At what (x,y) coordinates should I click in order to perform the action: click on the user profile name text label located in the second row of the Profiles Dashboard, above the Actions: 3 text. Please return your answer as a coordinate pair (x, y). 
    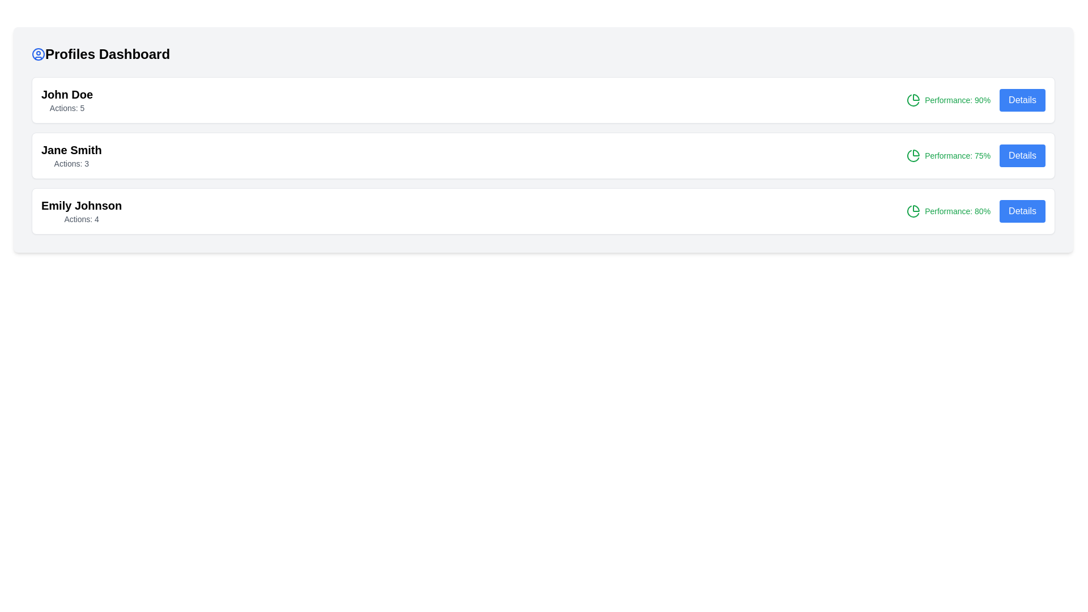
    Looking at the image, I should click on (71, 150).